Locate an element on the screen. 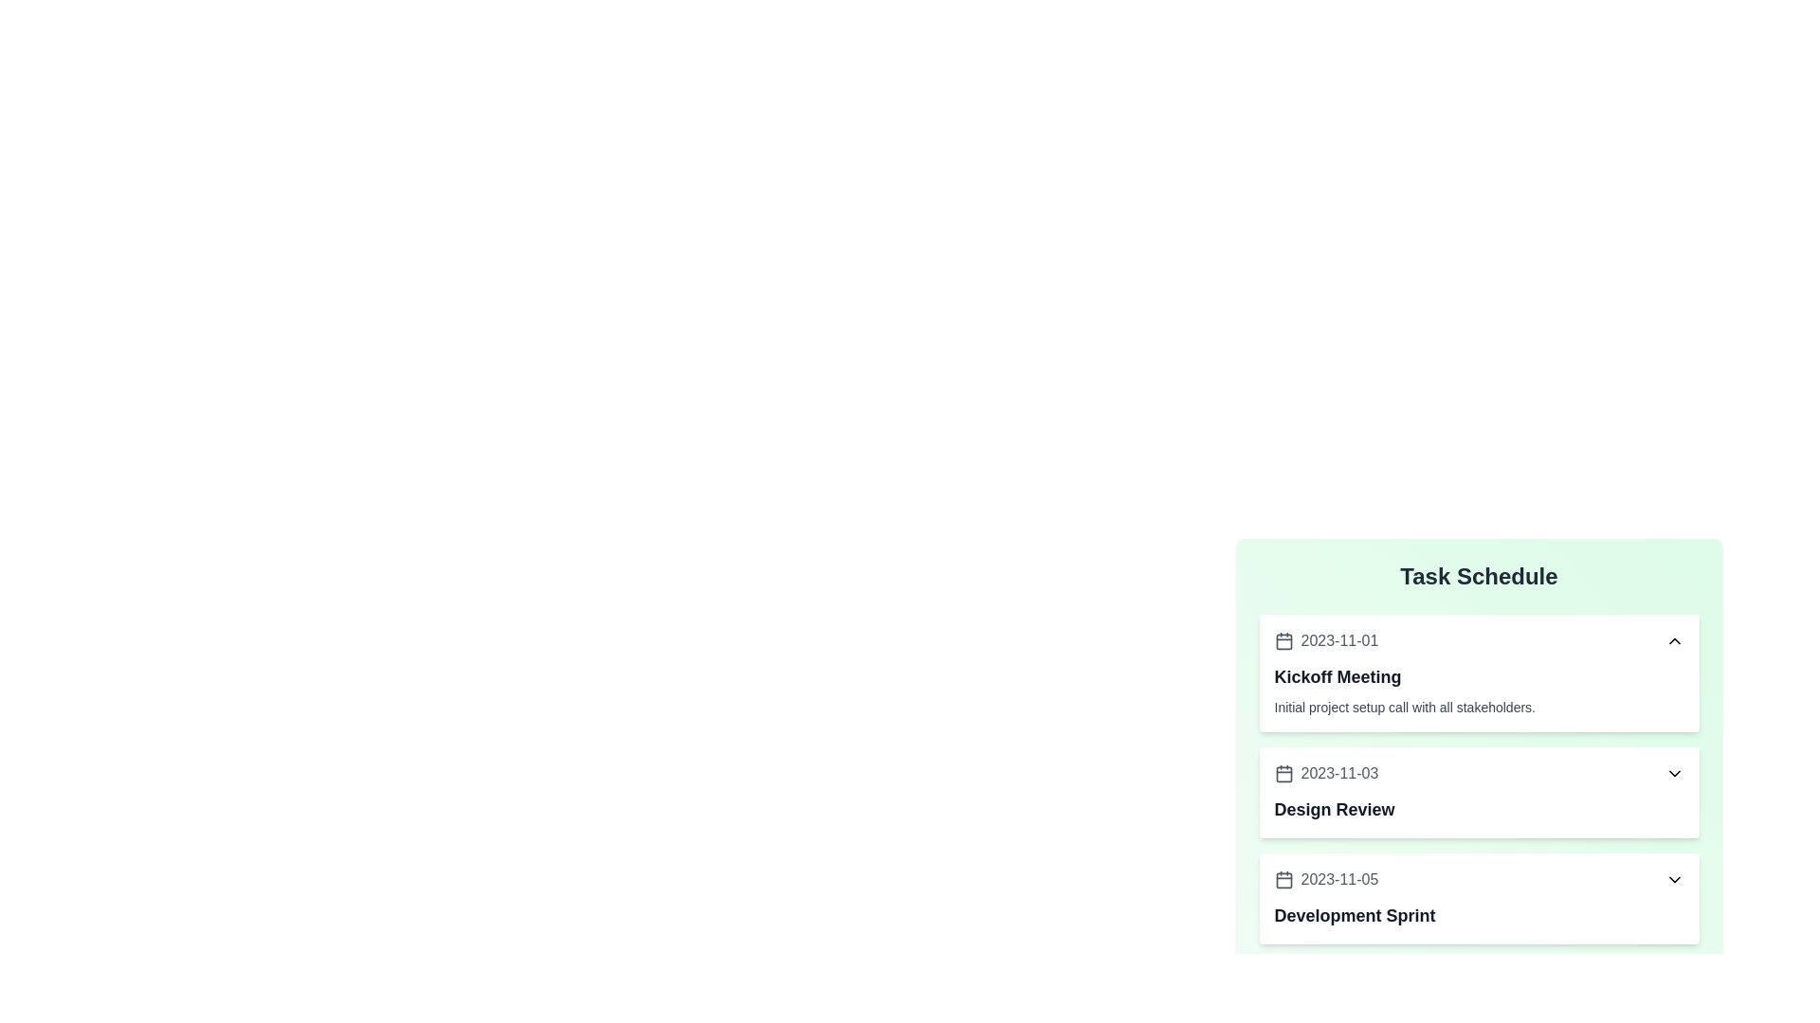 Image resolution: width=1820 pixels, height=1023 pixels. the text of the task details for the task on 2023-11-01 is located at coordinates (1478, 672).